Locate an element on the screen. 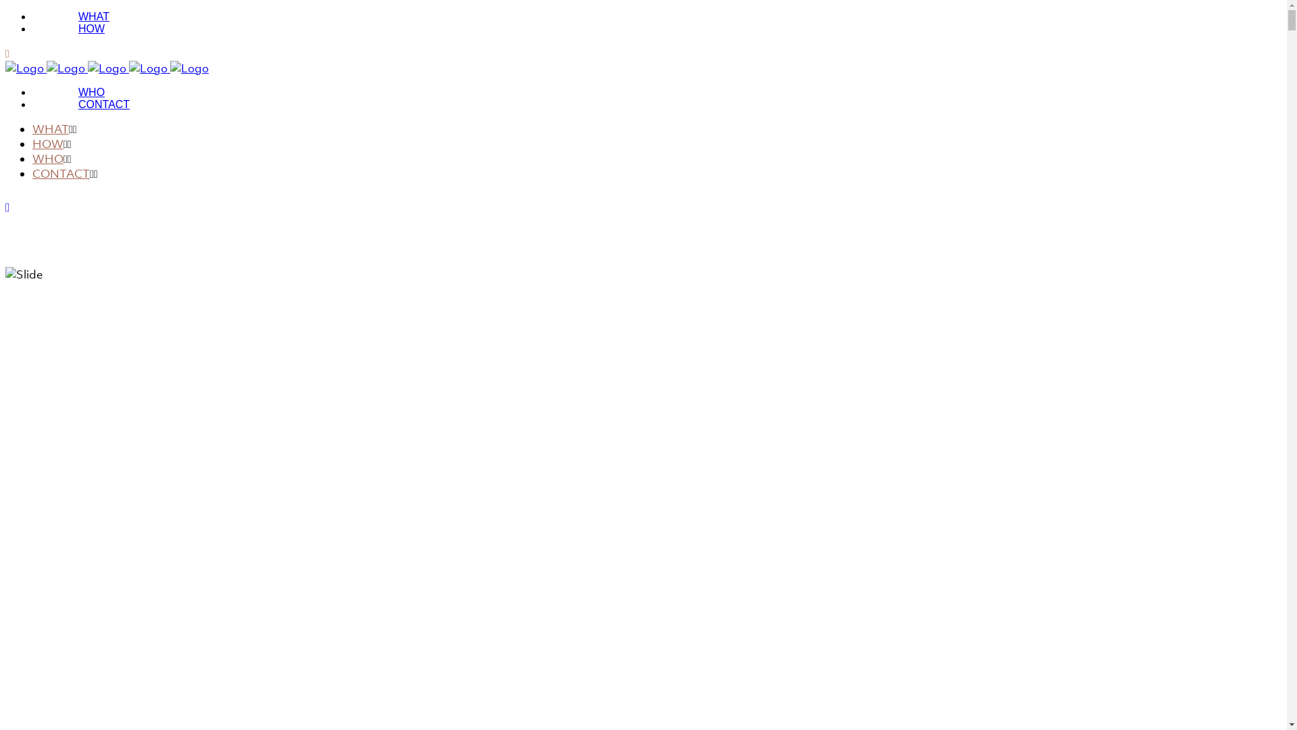  'CONTACT' is located at coordinates (60, 173).